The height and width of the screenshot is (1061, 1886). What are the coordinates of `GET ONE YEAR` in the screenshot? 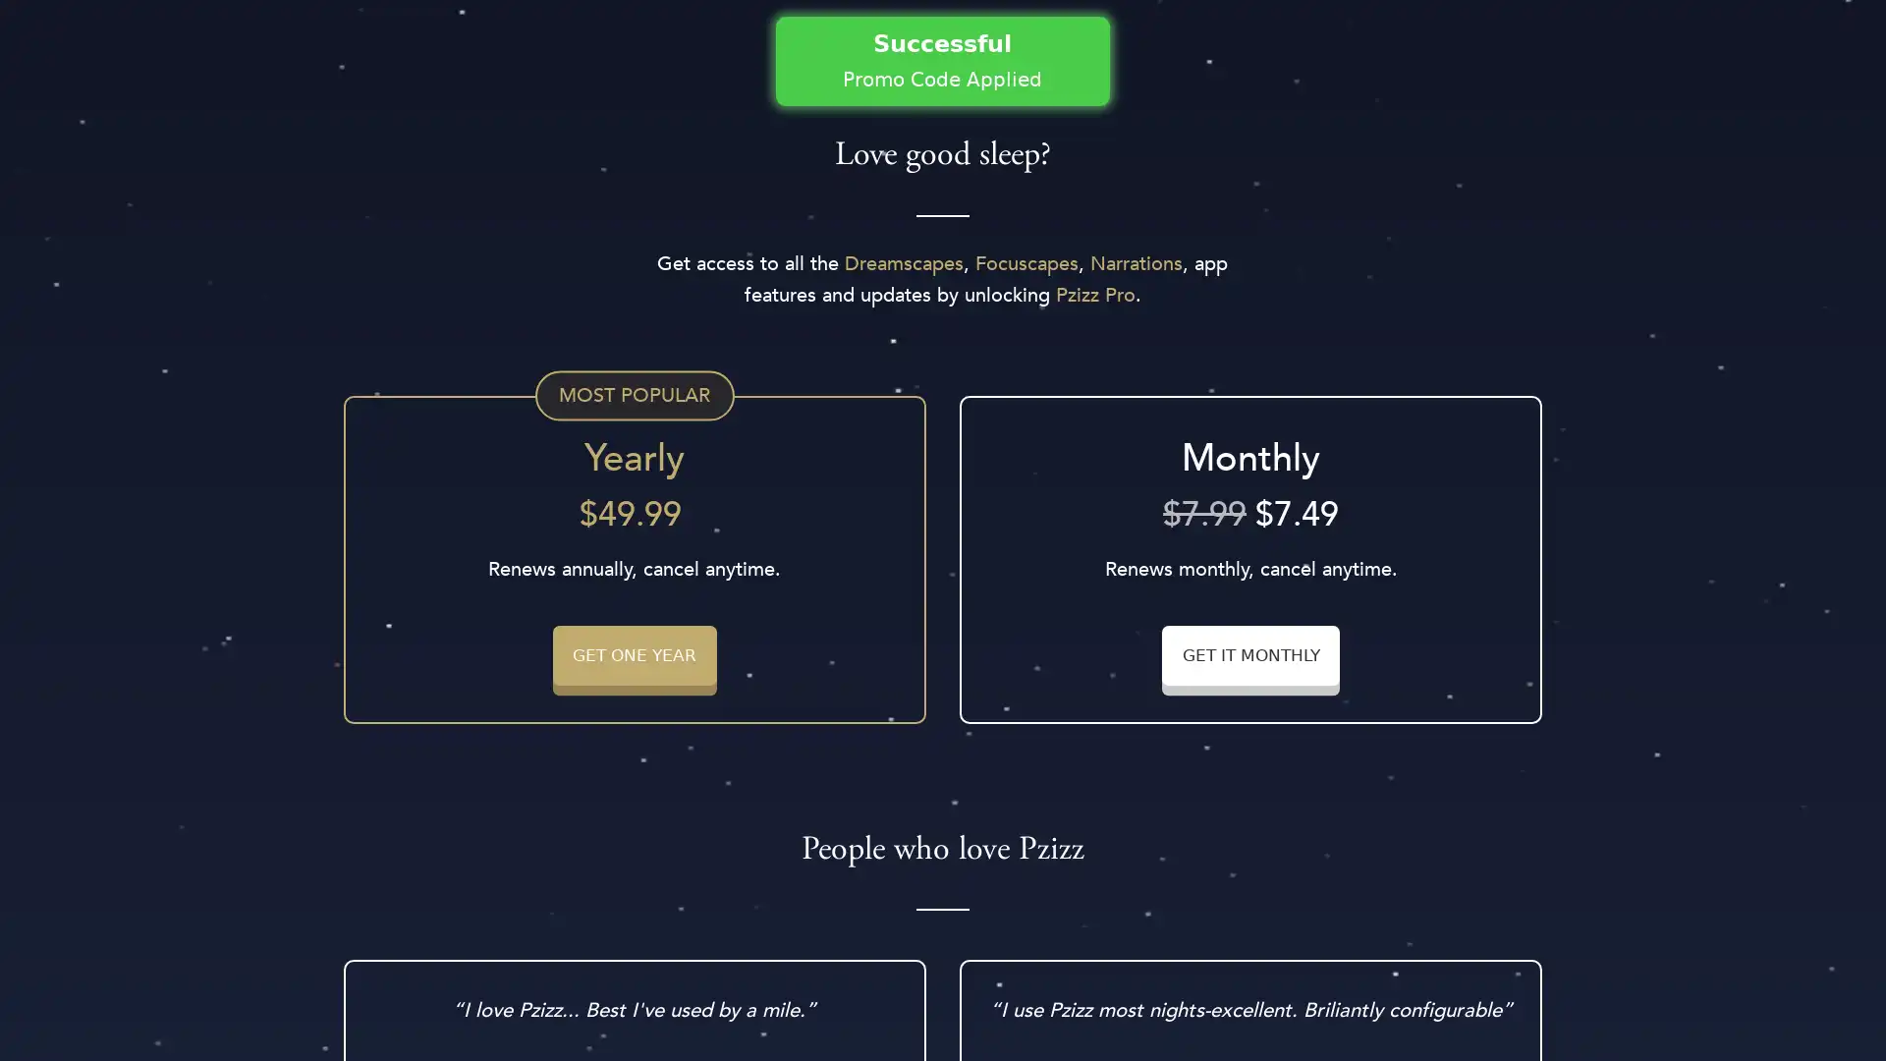 It's located at (634, 654).